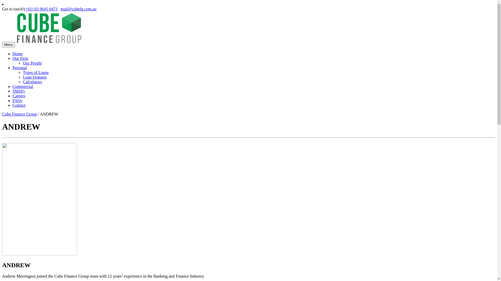 The image size is (501, 281). What do you see at coordinates (32, 82) in the screenshot?
I see `'Calculators'` at bounding box center [32, 82].